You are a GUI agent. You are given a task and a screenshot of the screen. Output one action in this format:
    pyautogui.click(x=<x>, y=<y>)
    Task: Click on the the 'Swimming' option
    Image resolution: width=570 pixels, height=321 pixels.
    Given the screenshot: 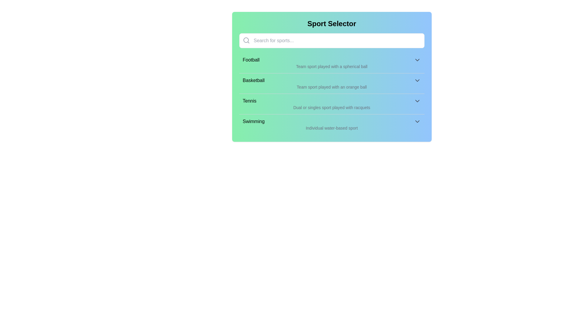 What is the action you would take?
    pyautogui.click(x=331, y=121)
    